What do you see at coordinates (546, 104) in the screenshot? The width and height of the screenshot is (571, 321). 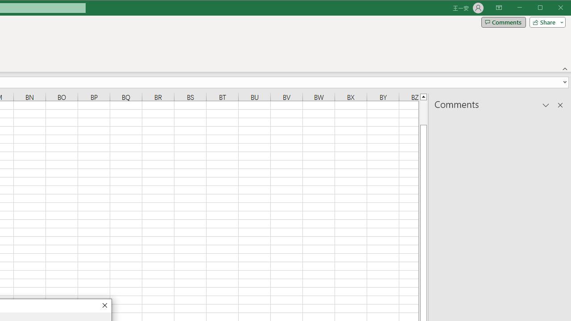 I see `'Task Pane Options'` at bounding box center [546, 104].